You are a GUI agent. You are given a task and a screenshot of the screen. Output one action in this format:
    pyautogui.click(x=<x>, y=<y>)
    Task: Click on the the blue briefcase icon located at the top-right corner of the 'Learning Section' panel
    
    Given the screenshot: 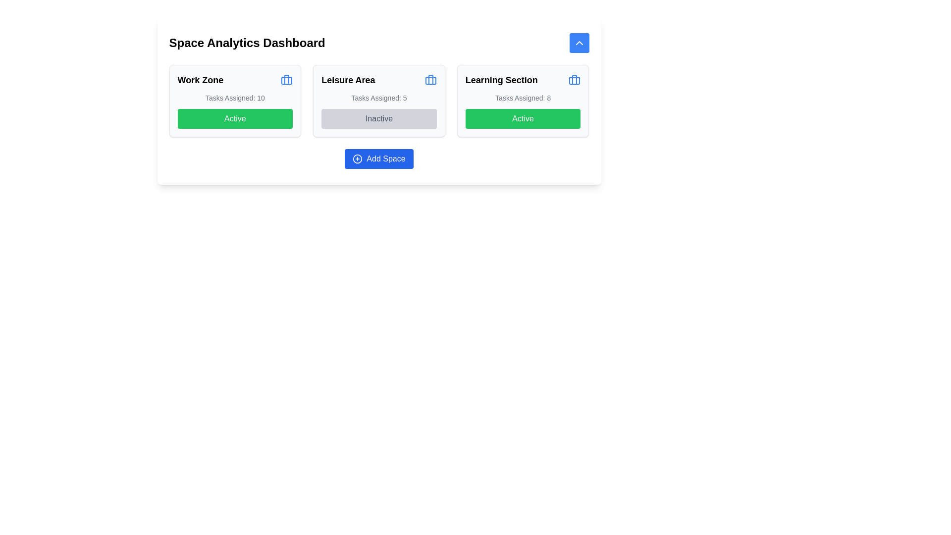 What is the action you would take?
    pyautogui.click(x=575, y=80)
    